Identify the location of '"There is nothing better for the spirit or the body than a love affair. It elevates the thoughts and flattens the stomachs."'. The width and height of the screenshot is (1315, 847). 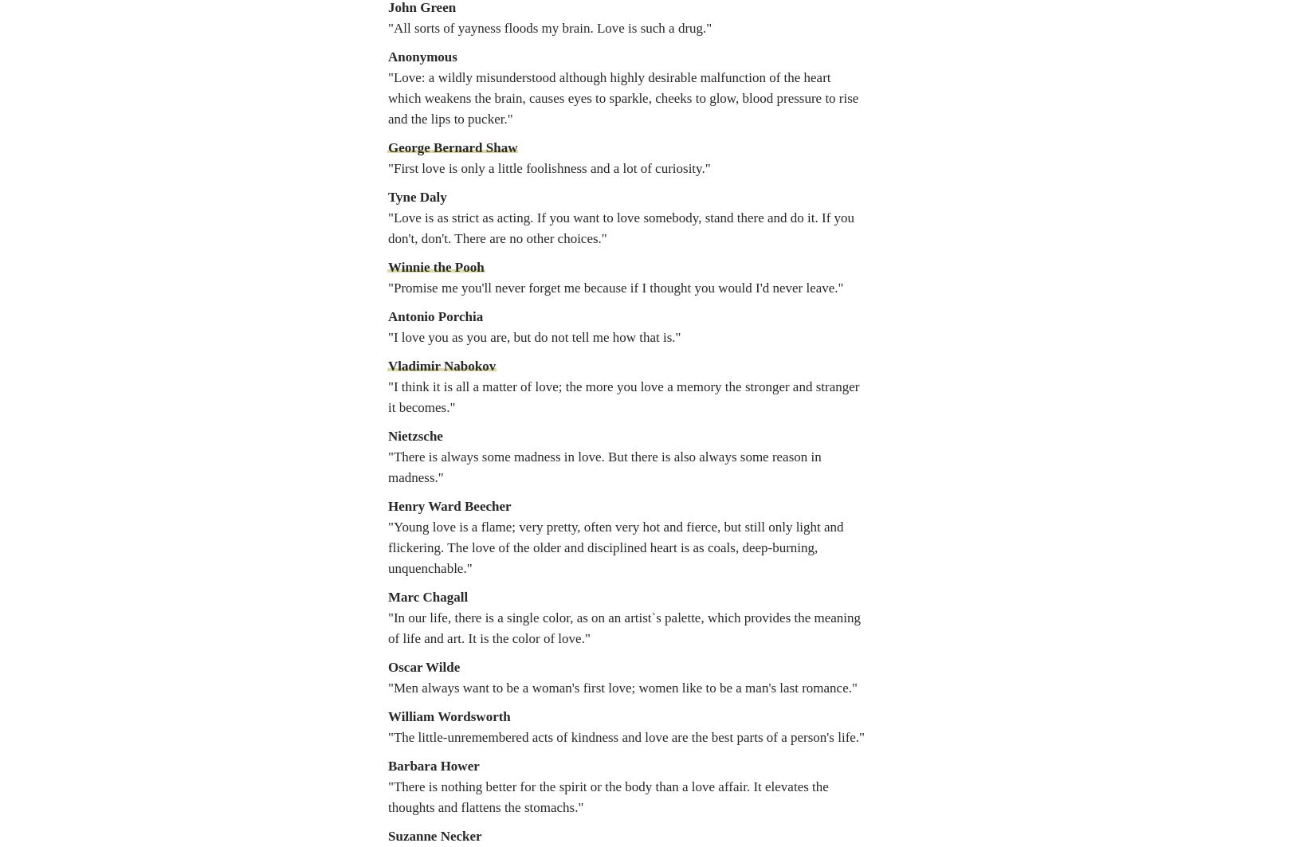
(606, 796).